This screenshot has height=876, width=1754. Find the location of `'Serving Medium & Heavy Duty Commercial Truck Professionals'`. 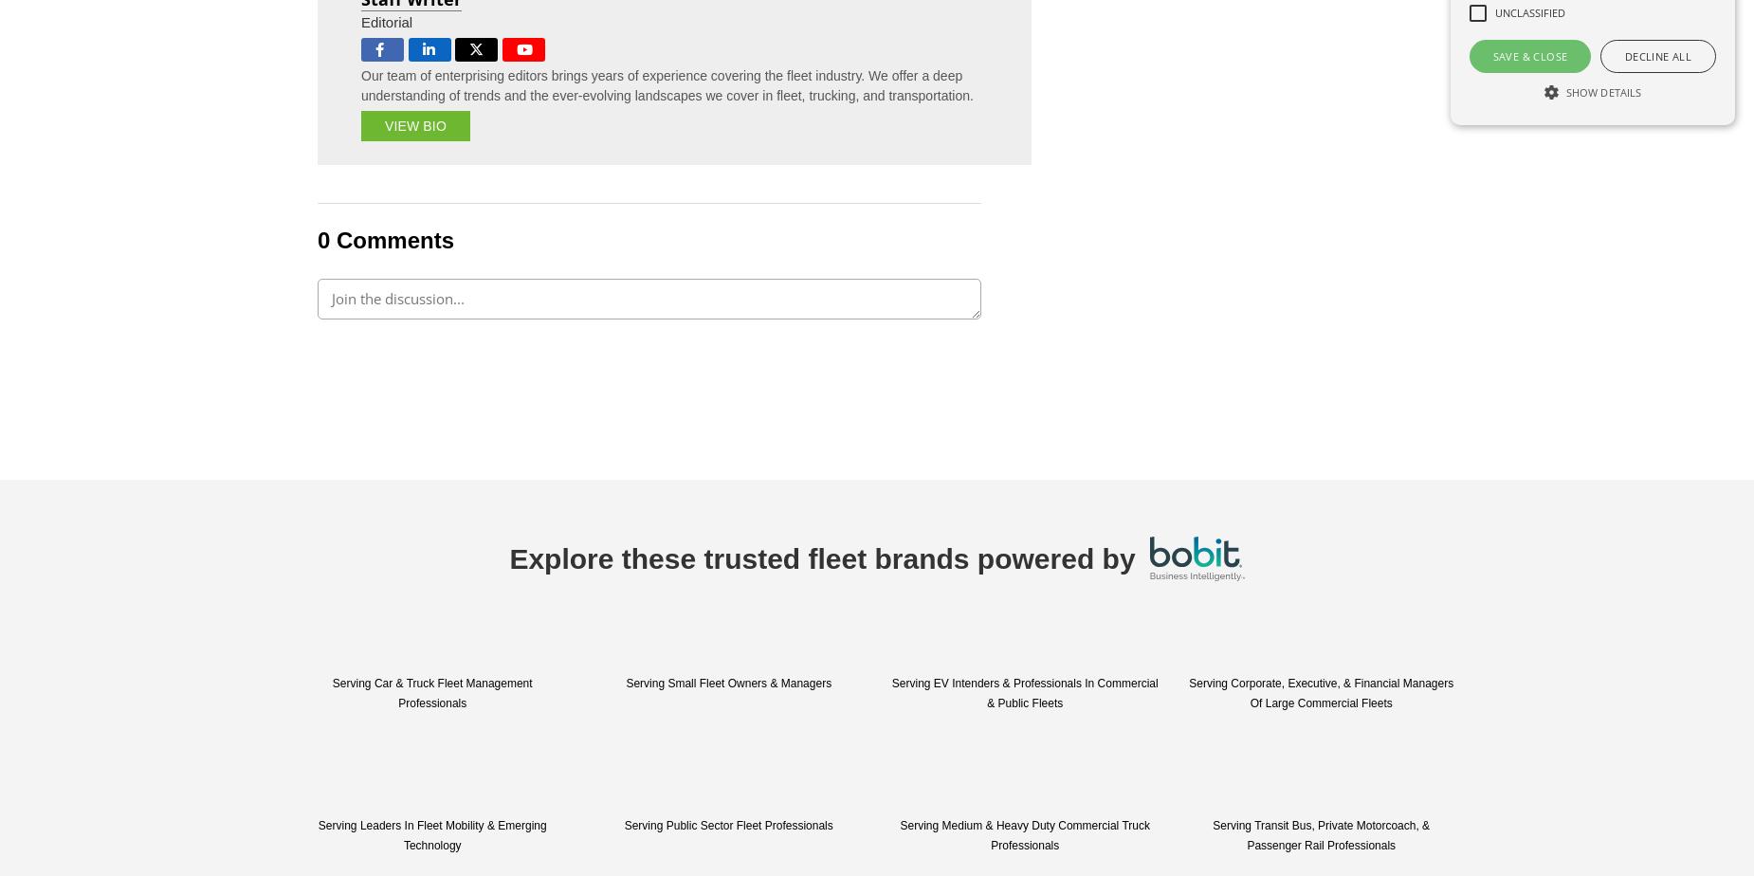

'Serving Medium & Heavy Duty Commercial Truck Professionals' is located at coordinates (1023, 835).